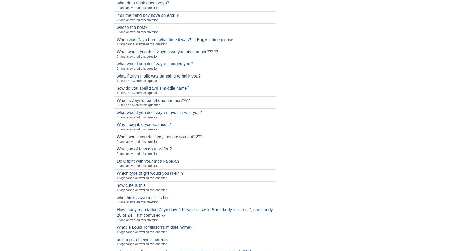 The height and width of the screenshot is (251, 472). What do you see at coordinates (131, 185) in the screenshot?
I see `'how cute is this'` at bounding box center [131, 185].